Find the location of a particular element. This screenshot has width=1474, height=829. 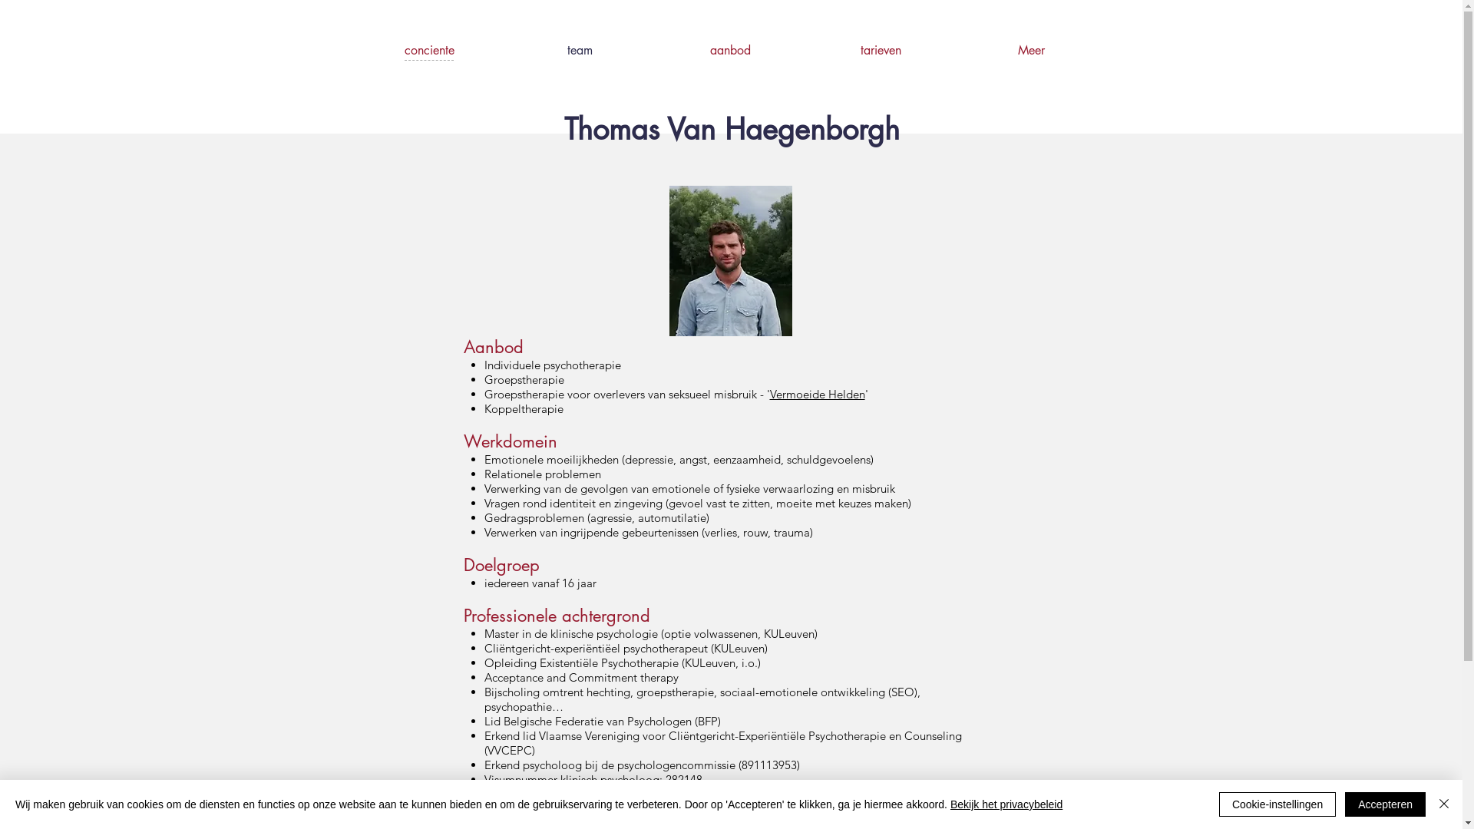

'Vermoeide Helden' is located at coordinates (816, 393).